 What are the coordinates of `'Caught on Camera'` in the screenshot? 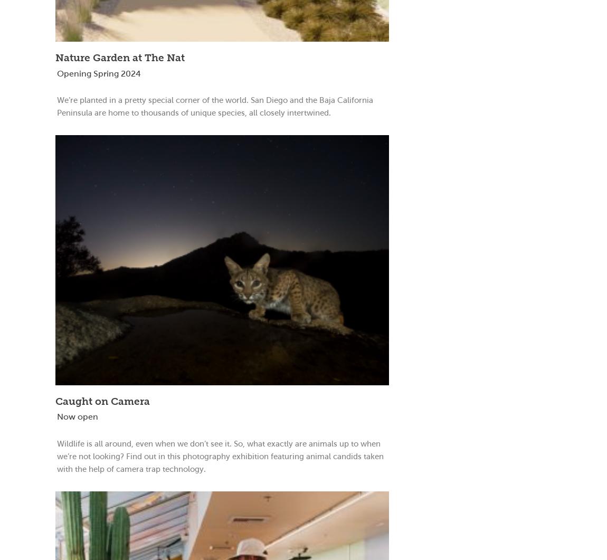 It's located at (102, 401).